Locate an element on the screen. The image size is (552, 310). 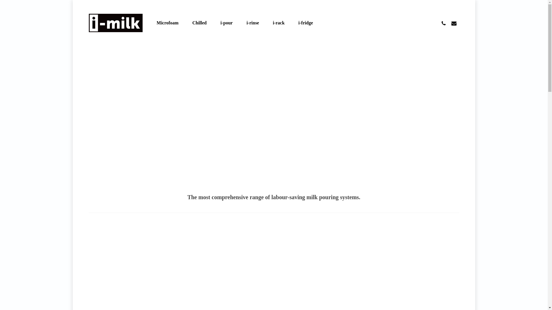
'SEE PHOTO GALLERY' is located at coordinates (310, 272).